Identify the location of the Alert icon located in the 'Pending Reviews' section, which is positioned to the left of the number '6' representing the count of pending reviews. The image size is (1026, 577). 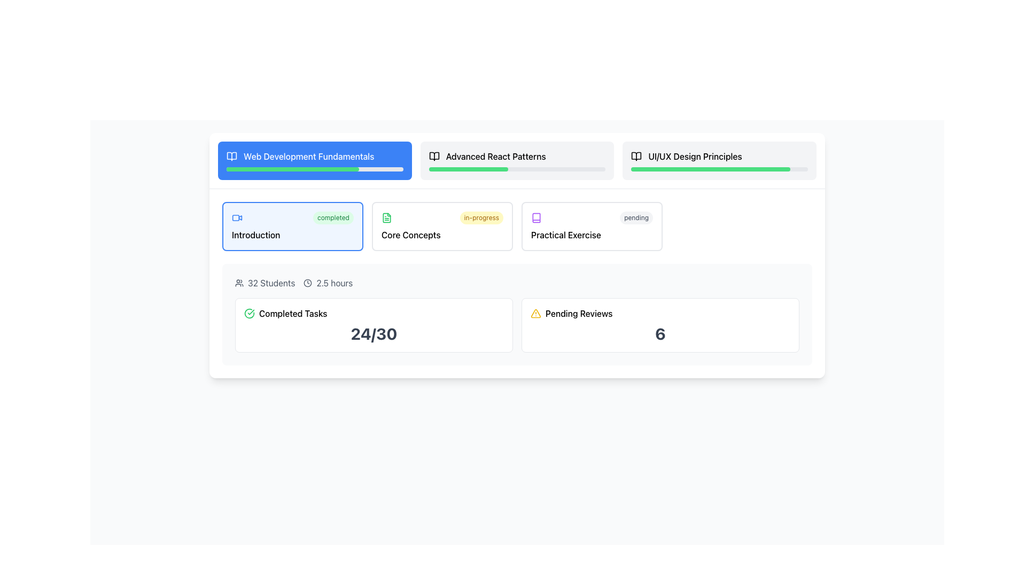
(536, 313).